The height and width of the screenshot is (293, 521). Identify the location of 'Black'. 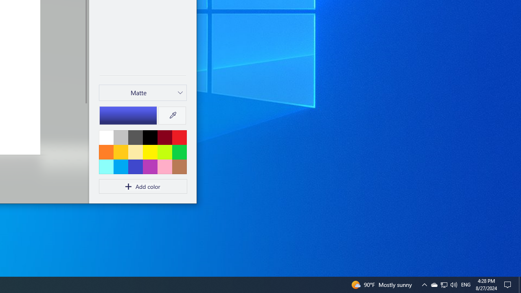
(150, 137).